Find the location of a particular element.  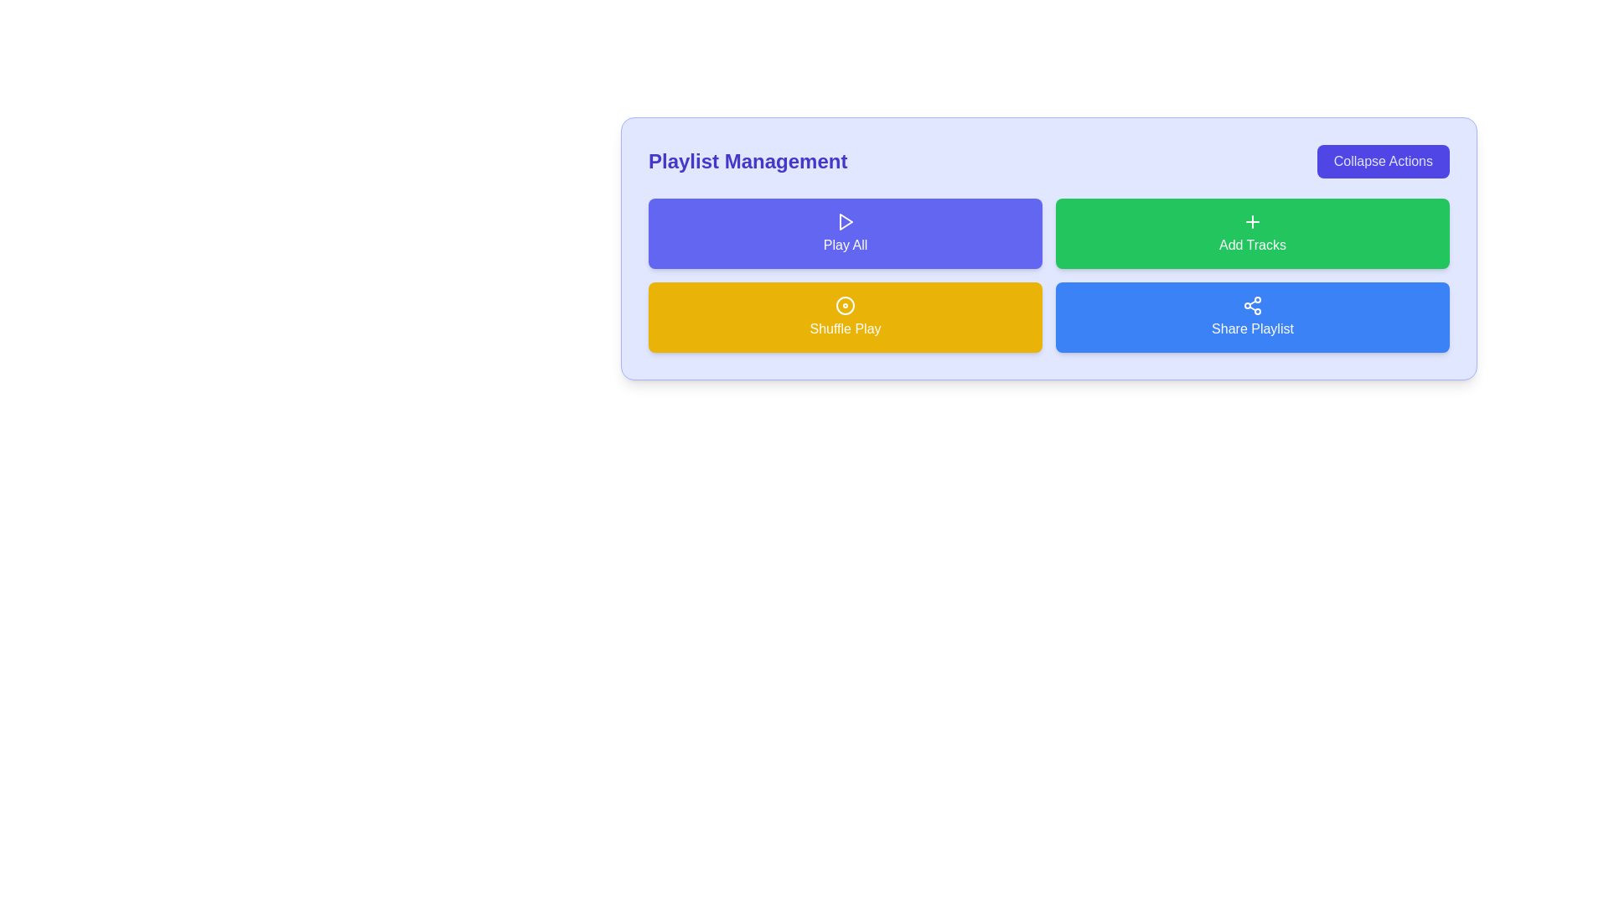

the play icon located in the top-left region of the interface, which is centered above the text label of the 'Play All' button is located at coordinates (846, 221).